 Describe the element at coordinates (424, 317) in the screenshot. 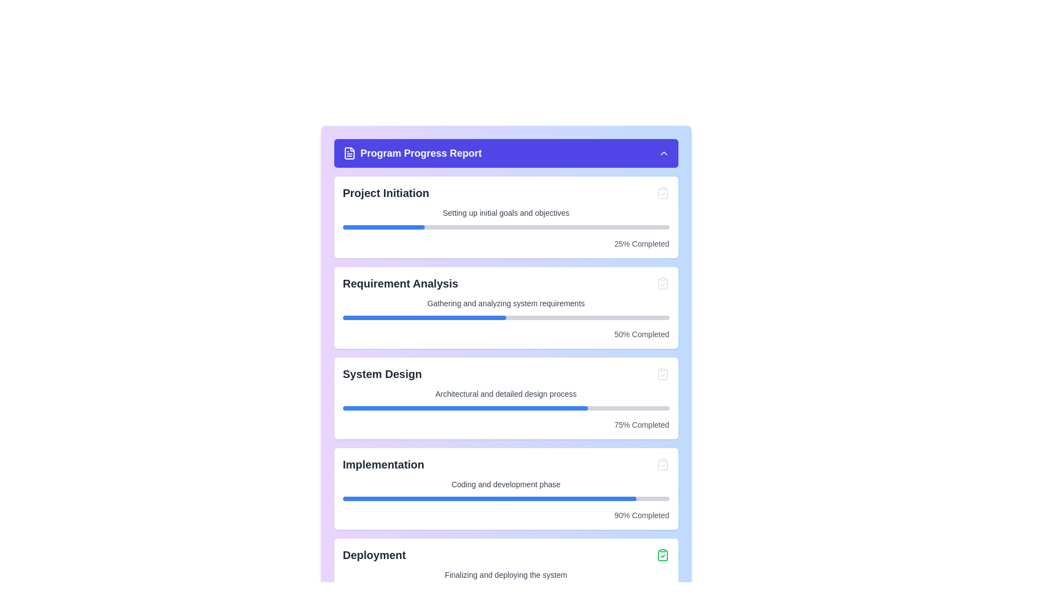

I see `the progress represented by the blue-colored segment of the progress bar for the 'Requirement Analysis' section, which indicates it is 50% complete` at that location.